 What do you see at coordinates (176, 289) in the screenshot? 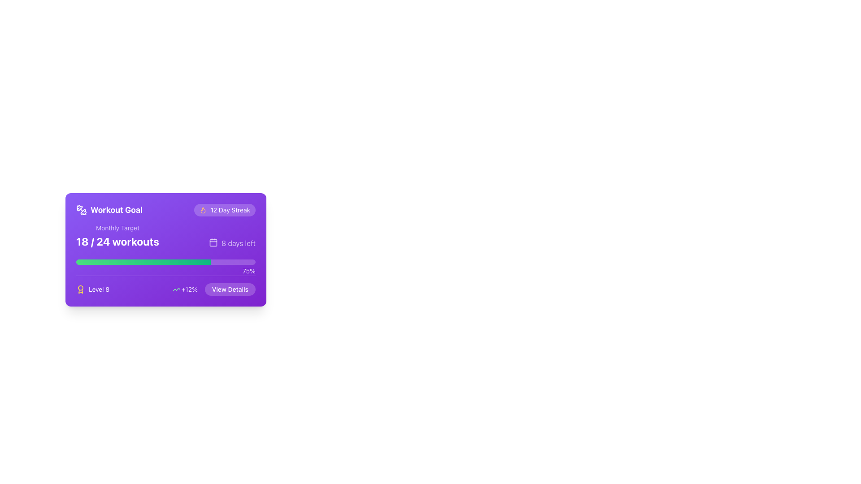
I see `the green upward trending arrow graphic icon located within the card interface under the 'Workout Goal' header, positioned to the left of the '+12%' text and to the right of the 'Level 8' label` at bounding box center [176, 289].